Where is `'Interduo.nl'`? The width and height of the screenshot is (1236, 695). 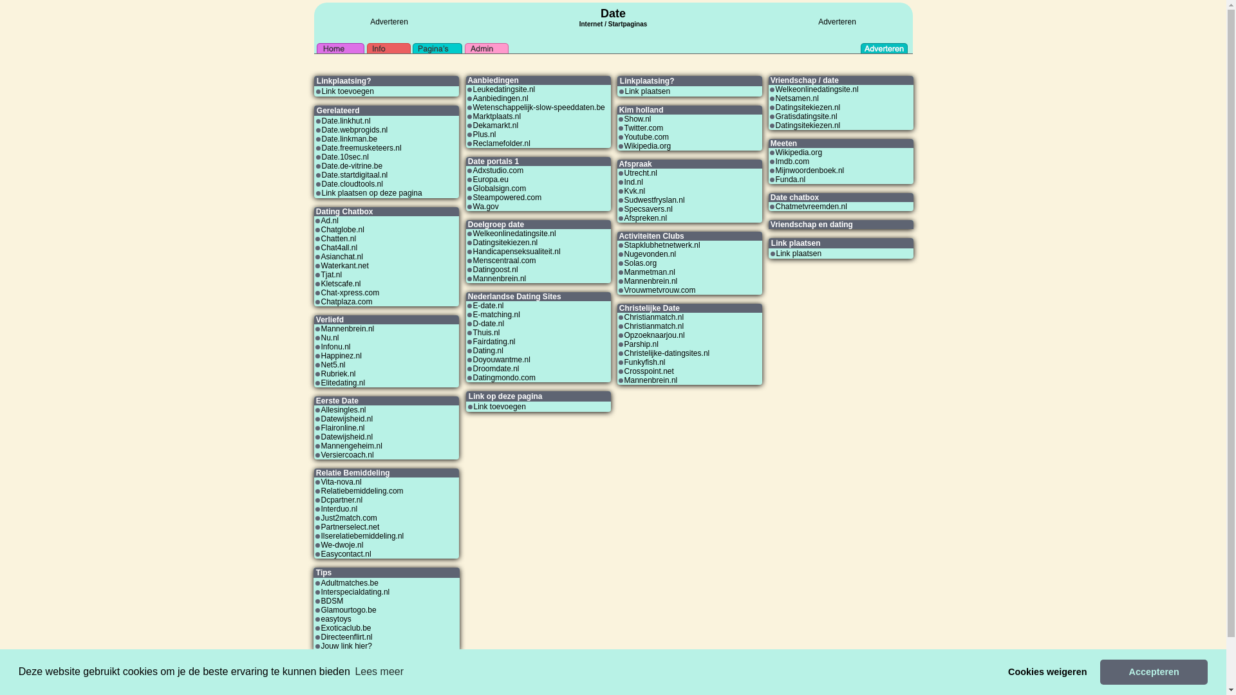 'Interduo.nl' is located at coordinates (339, 508).